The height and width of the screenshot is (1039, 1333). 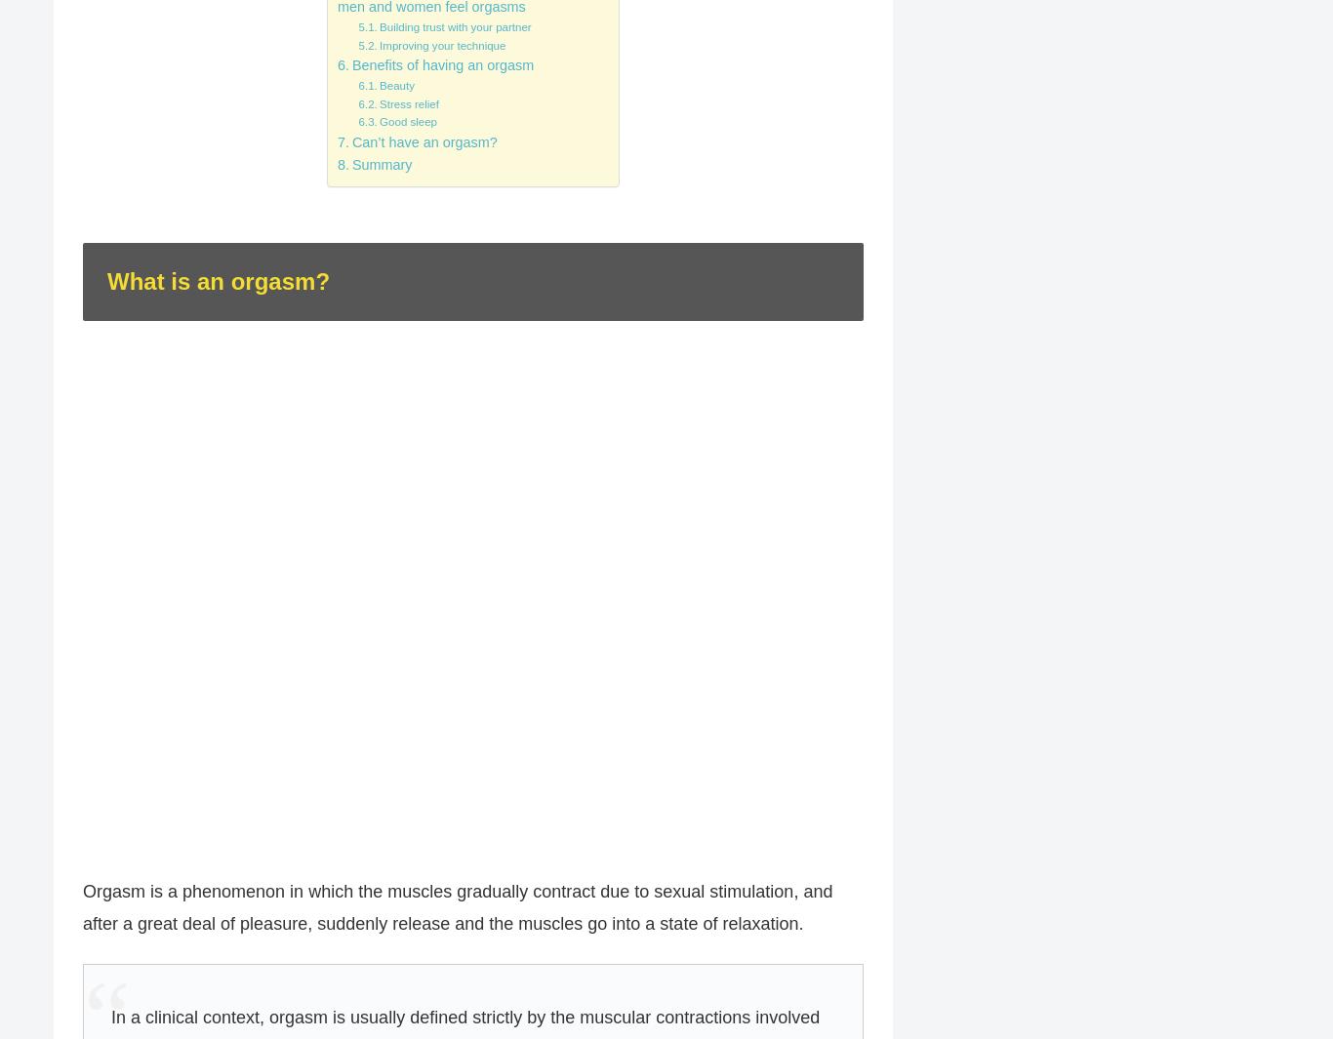 I want to click on 'Benefits of having an orgasm', so click(x=441, y=63).